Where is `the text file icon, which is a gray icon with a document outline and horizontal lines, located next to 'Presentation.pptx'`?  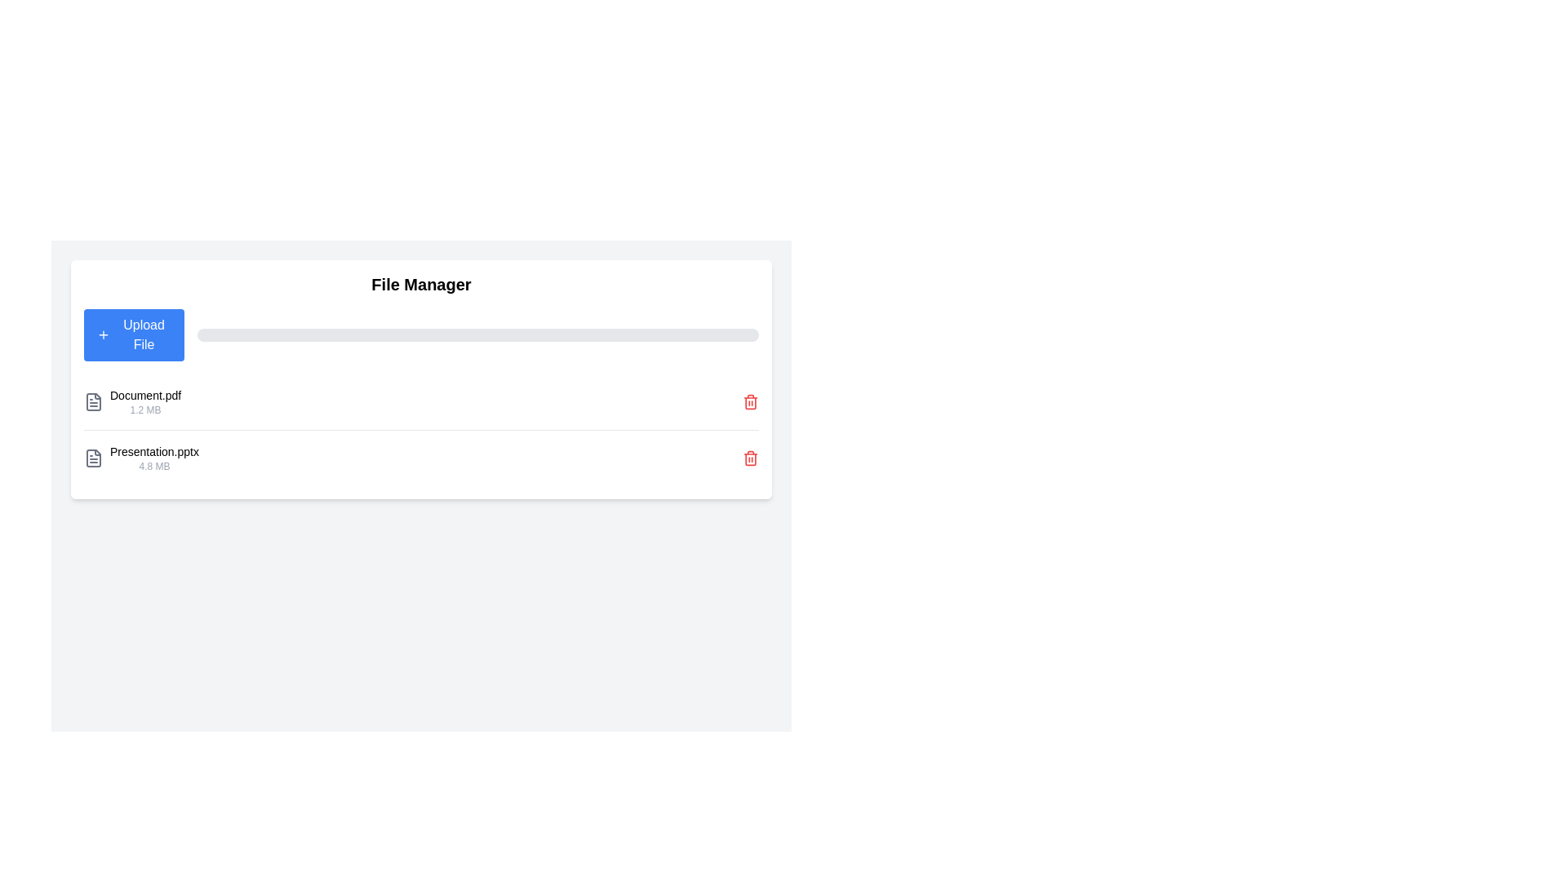
the text file icon, which is a gray icon with a document outline and horizontal lines, located next to 'Presentation.pptx' is located at coordinates (93, 458).